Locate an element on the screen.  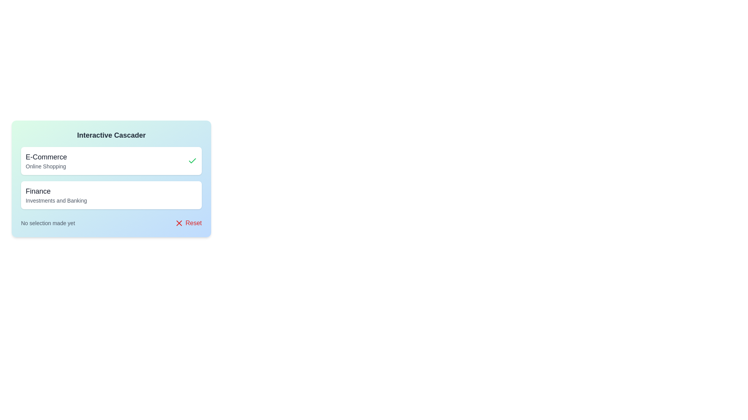
the static text label displaying 'Online Shopping', which is positioned directly below the 'E-Commerce' title is located at coordinates (46, 166).